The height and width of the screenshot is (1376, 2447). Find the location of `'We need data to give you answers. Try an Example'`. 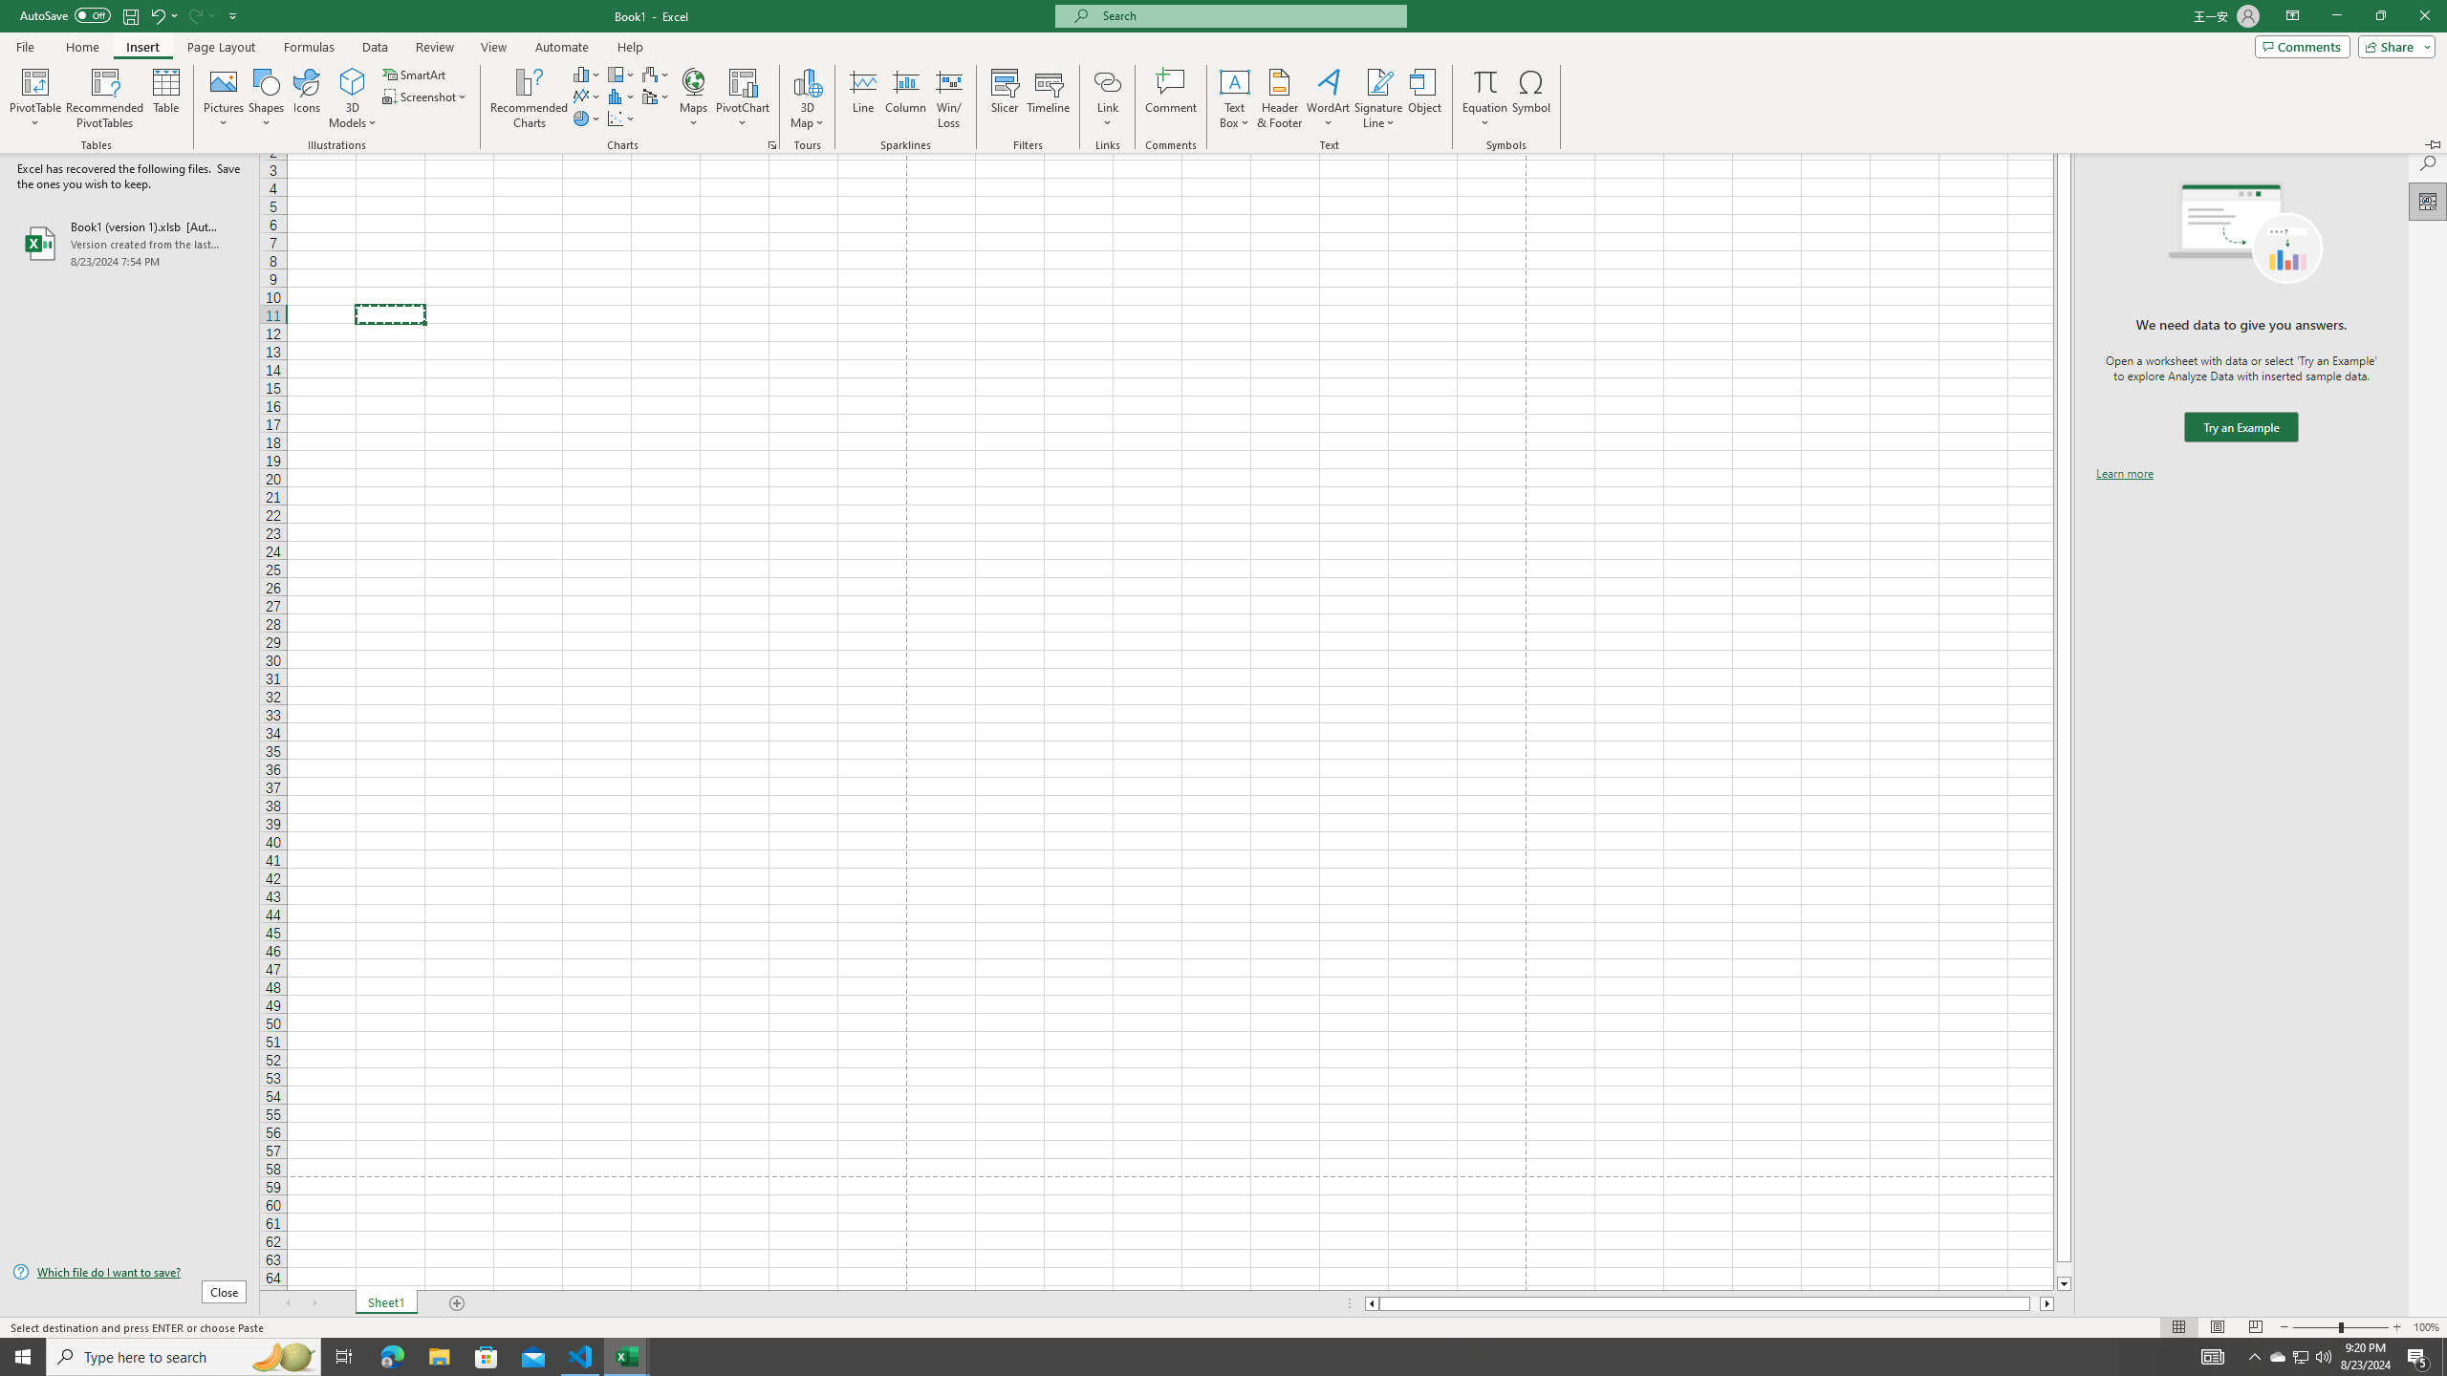

'We need data to give you answers. Try an Example' is located at coordinates (2240, 427).